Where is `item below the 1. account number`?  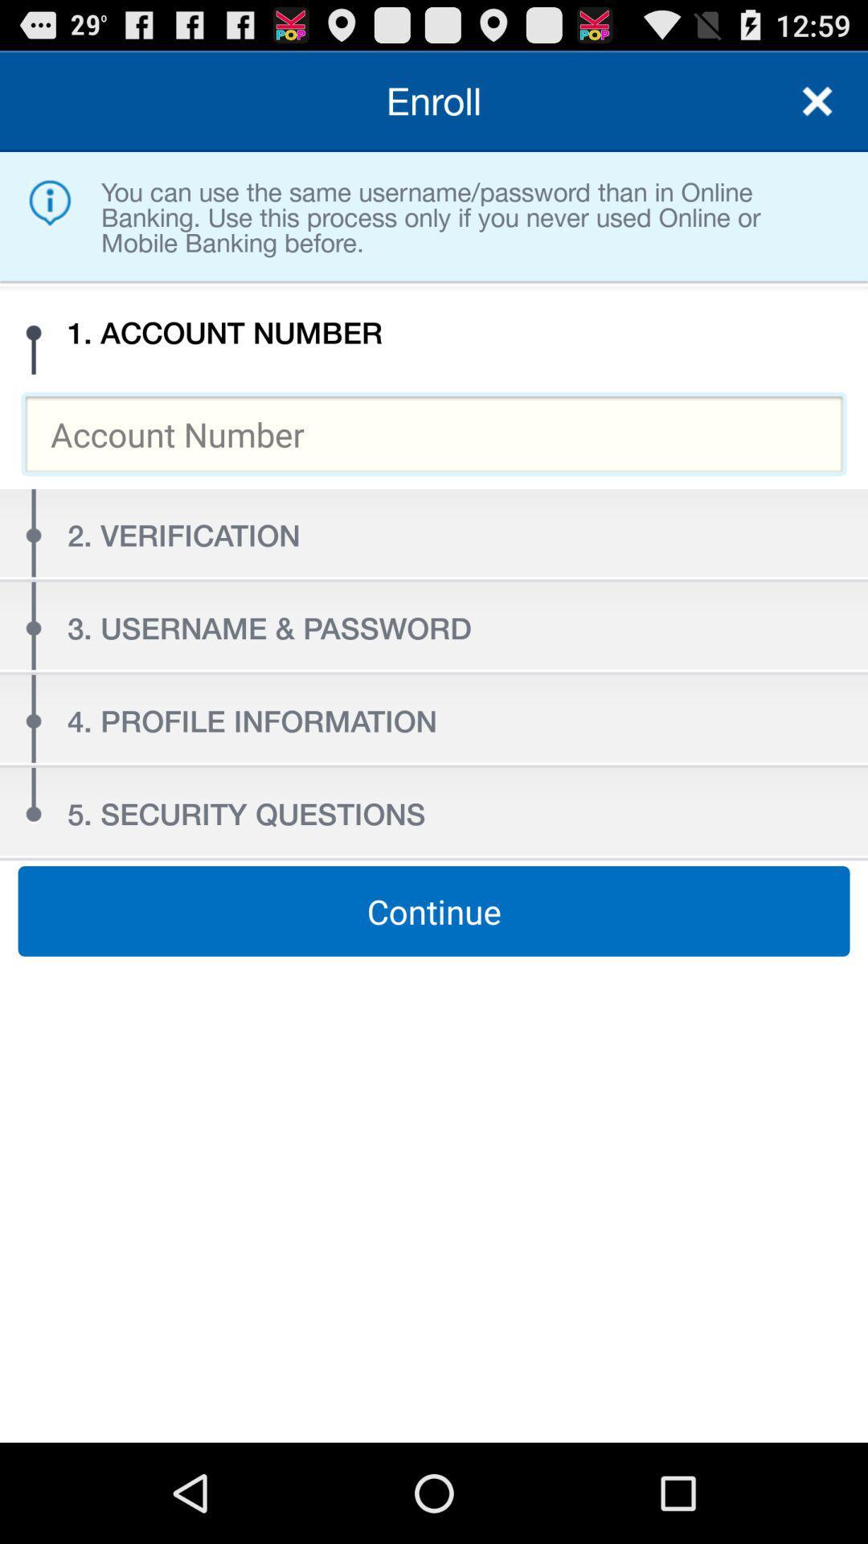
item below the 1. account number is located at coordinates (434, 433).